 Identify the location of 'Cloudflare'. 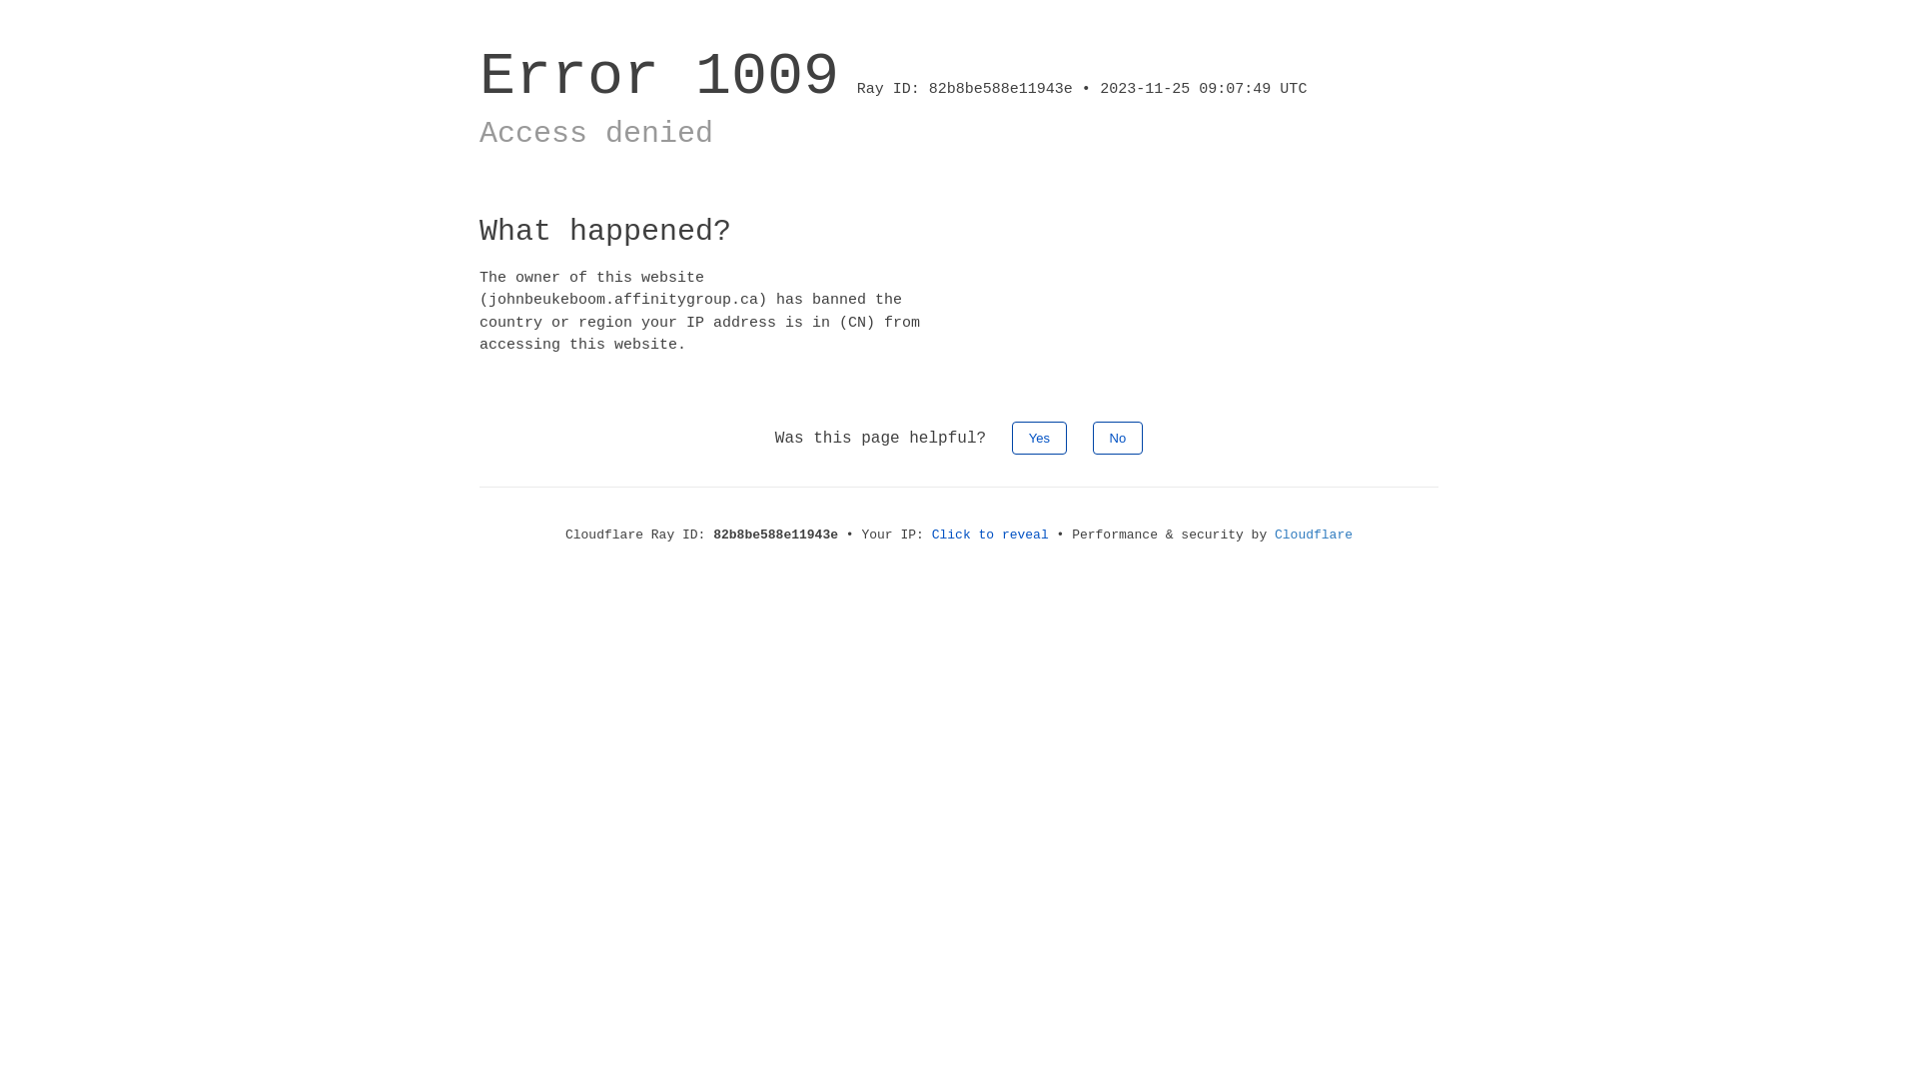
(1314, 534).